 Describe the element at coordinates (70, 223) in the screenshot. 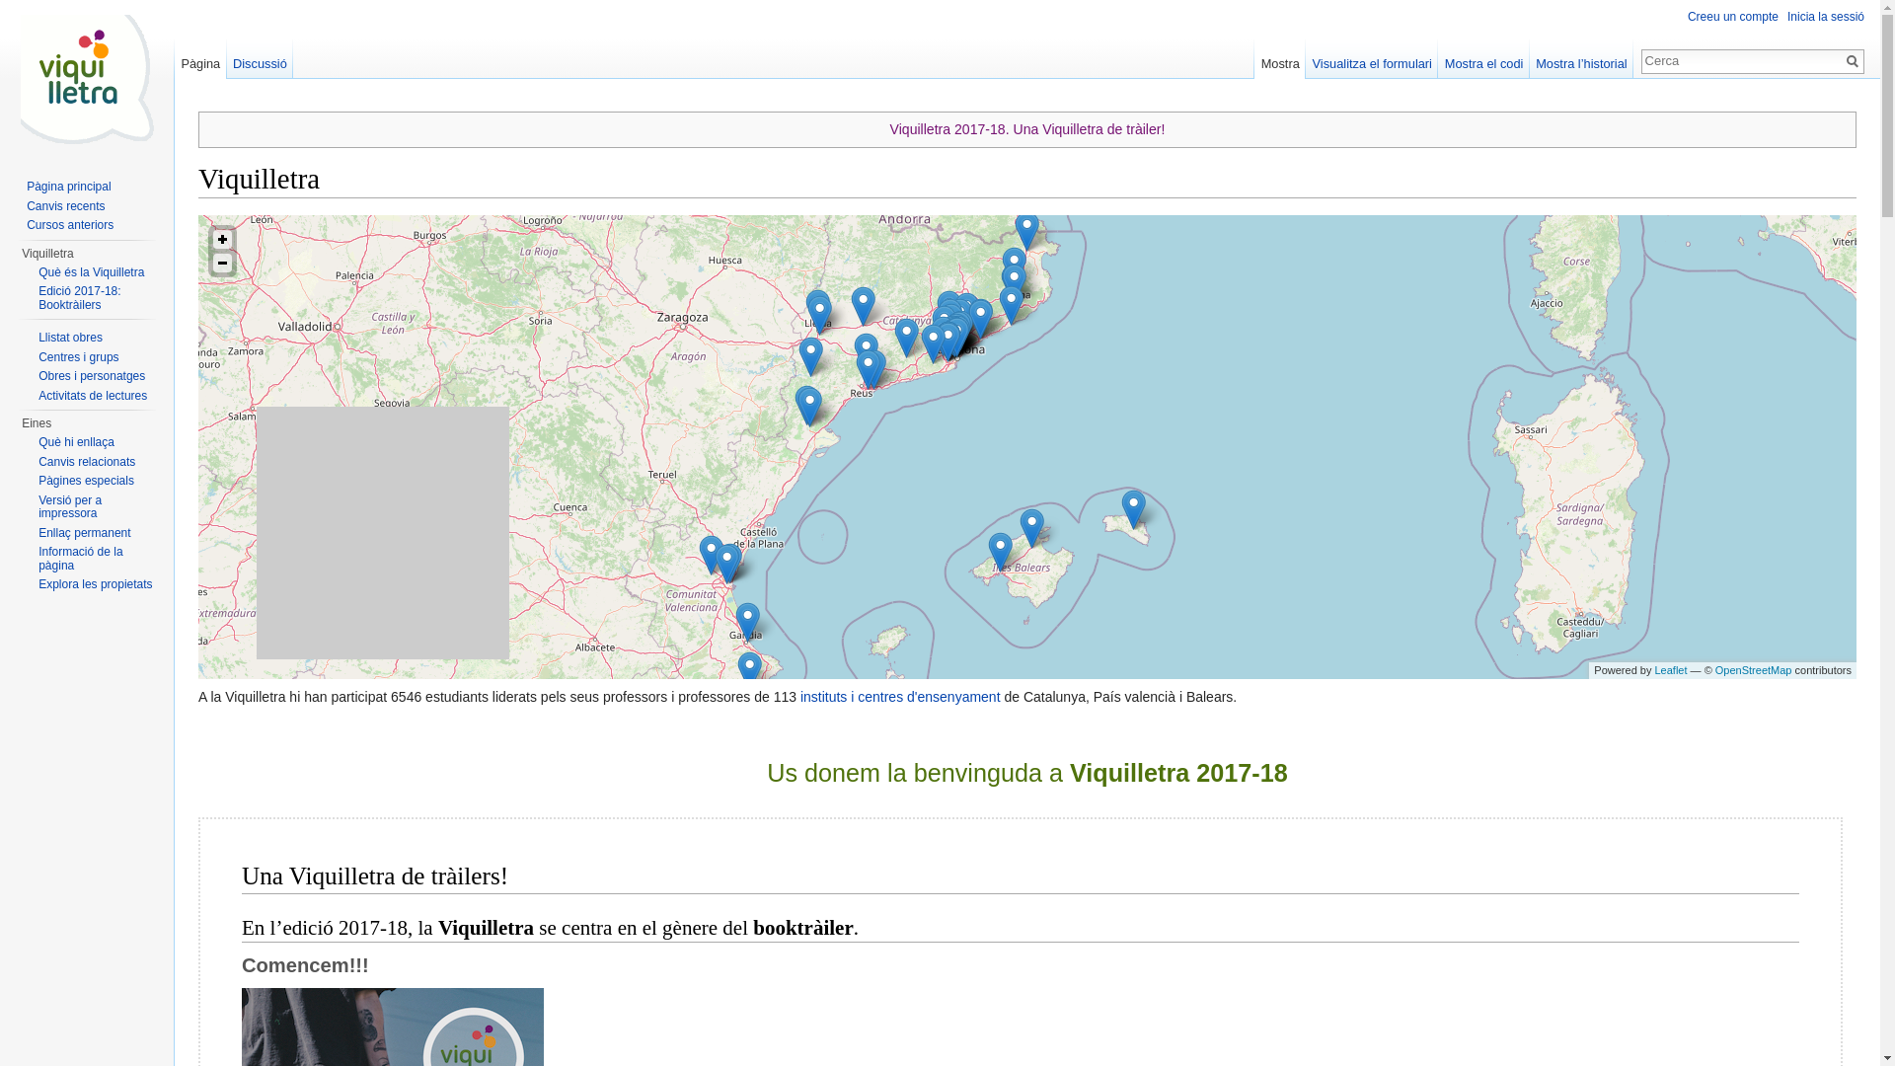

I see `'Cursos anteriors'` at that location.